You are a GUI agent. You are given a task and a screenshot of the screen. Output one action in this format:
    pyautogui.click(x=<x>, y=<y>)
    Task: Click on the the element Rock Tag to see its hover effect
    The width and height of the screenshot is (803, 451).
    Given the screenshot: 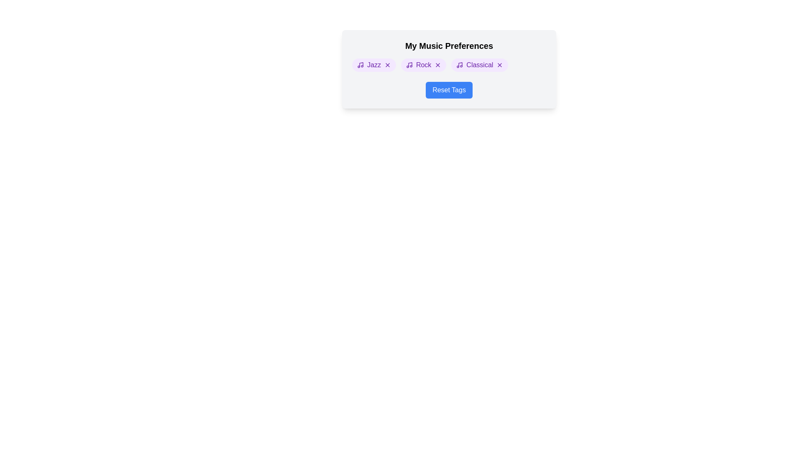 What is the action you would take?
    pyautogui.click(x=423, y=64)
    